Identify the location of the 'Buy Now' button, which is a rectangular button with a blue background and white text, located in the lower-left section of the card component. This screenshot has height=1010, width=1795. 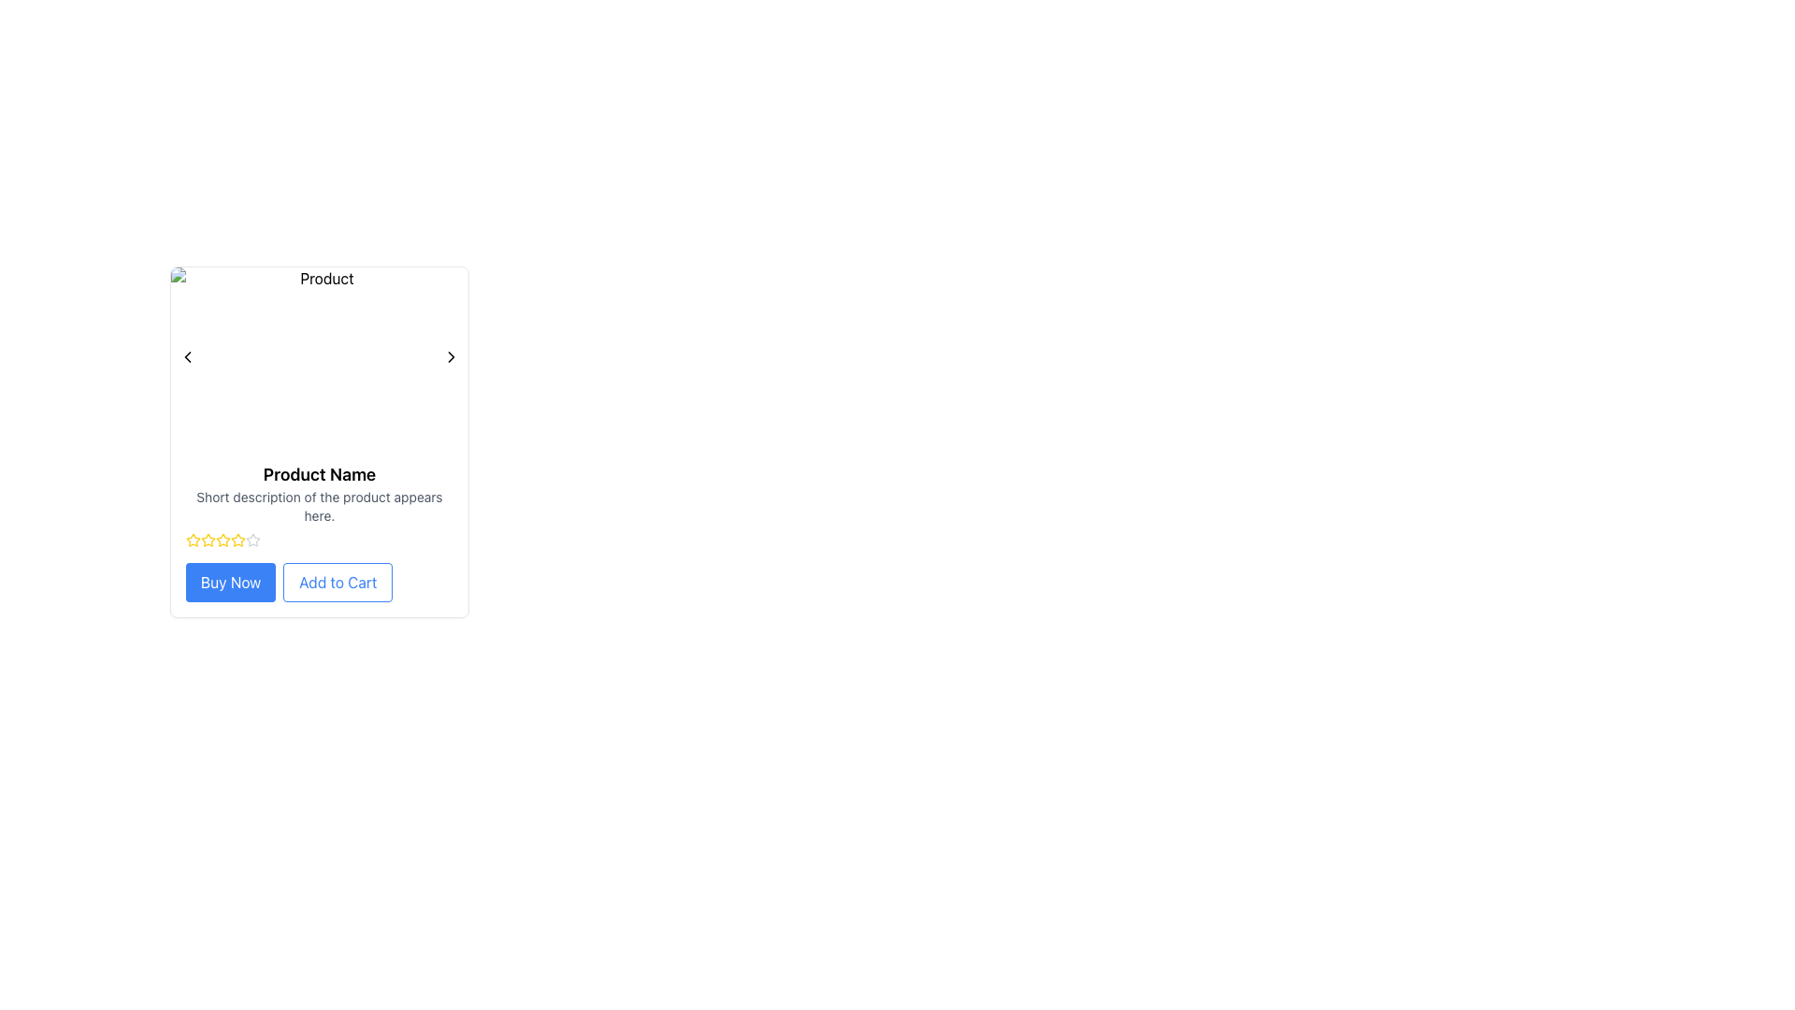
(230, 582).